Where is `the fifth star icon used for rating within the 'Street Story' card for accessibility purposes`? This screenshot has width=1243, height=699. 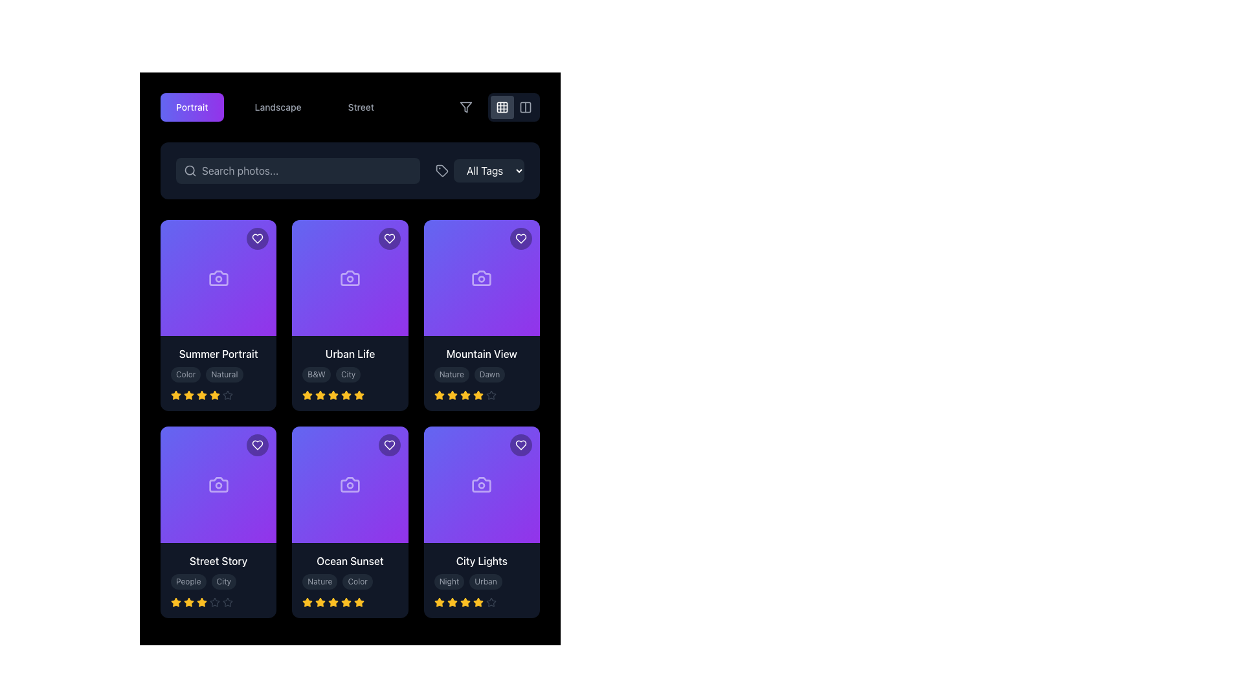
the fifth star icon used for rating within the 'Street Story' card for accessibility purposes is located at coordinates (214, 601).